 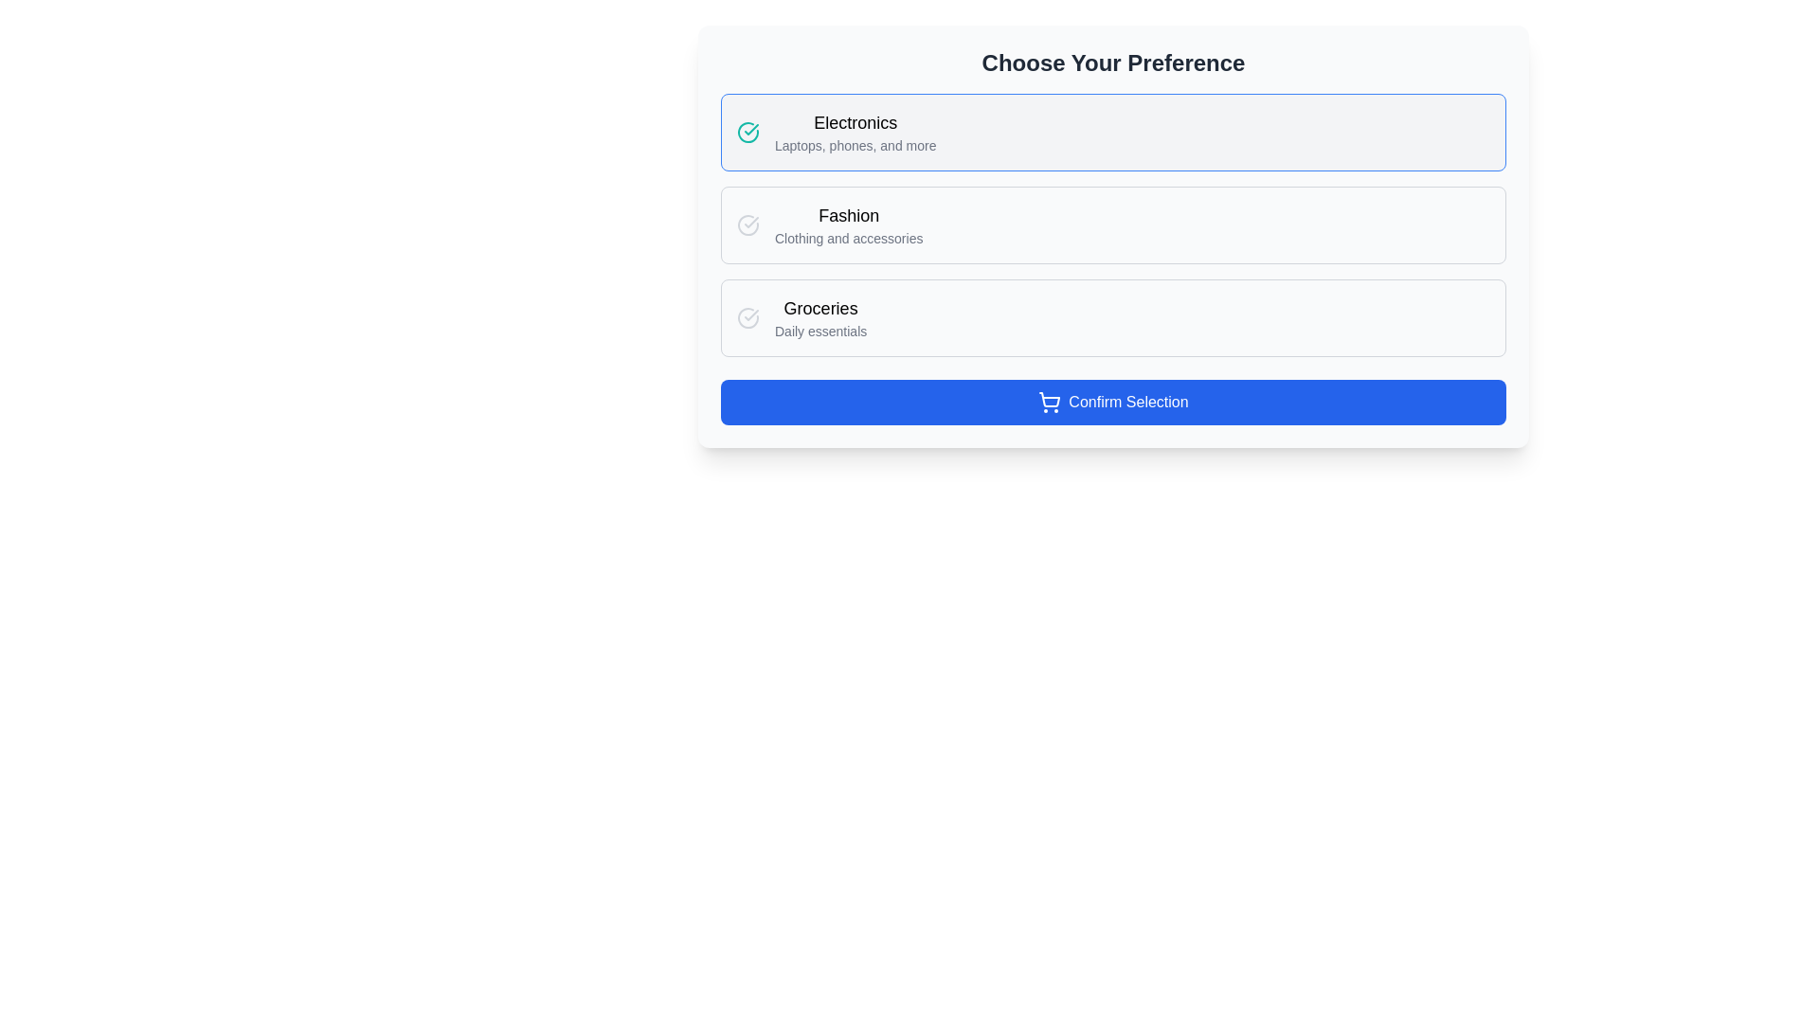 I want to click on the selection status icon for the 'Fashion' item, which is located immediately to the left of the text 'Fashion' in the vertical list of selectable preferences, so click(x=747, y=224).